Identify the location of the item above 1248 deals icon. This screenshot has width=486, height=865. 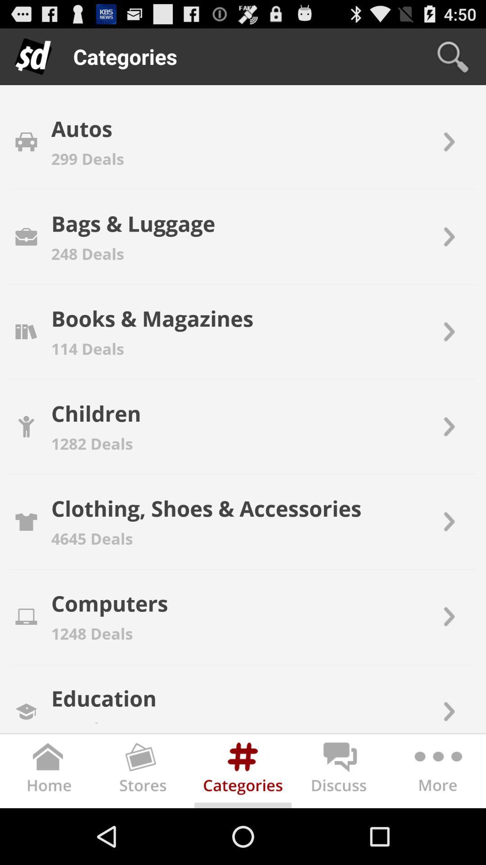
(109, 603).